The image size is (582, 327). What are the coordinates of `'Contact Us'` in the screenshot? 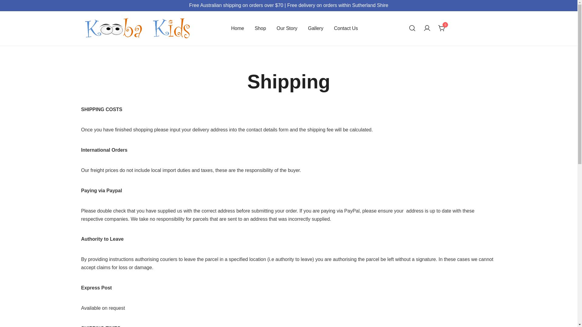 It's located at (346, 28).